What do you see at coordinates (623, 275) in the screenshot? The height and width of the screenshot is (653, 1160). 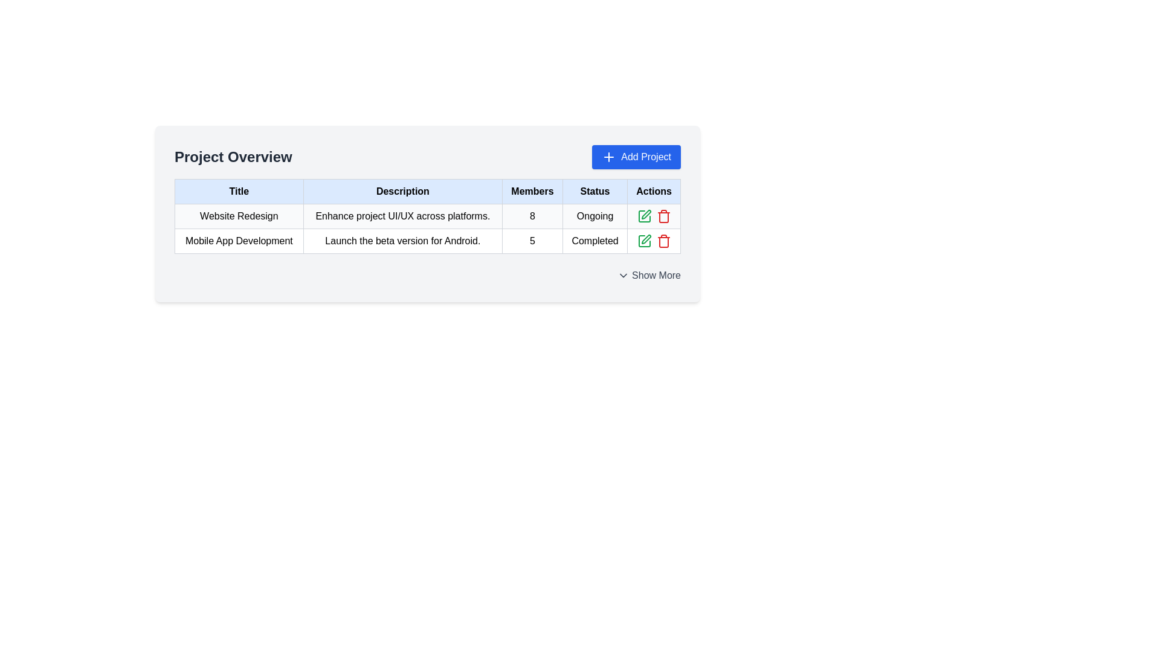 I see `the Chevron Down icon located to the right of 'Show More' in the bottom-right corner of the visible card interface` at bounding box center [623, 275].